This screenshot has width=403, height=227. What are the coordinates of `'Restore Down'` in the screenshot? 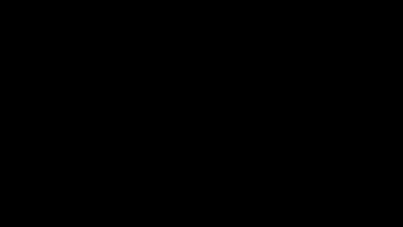 It's located at (381, 5).